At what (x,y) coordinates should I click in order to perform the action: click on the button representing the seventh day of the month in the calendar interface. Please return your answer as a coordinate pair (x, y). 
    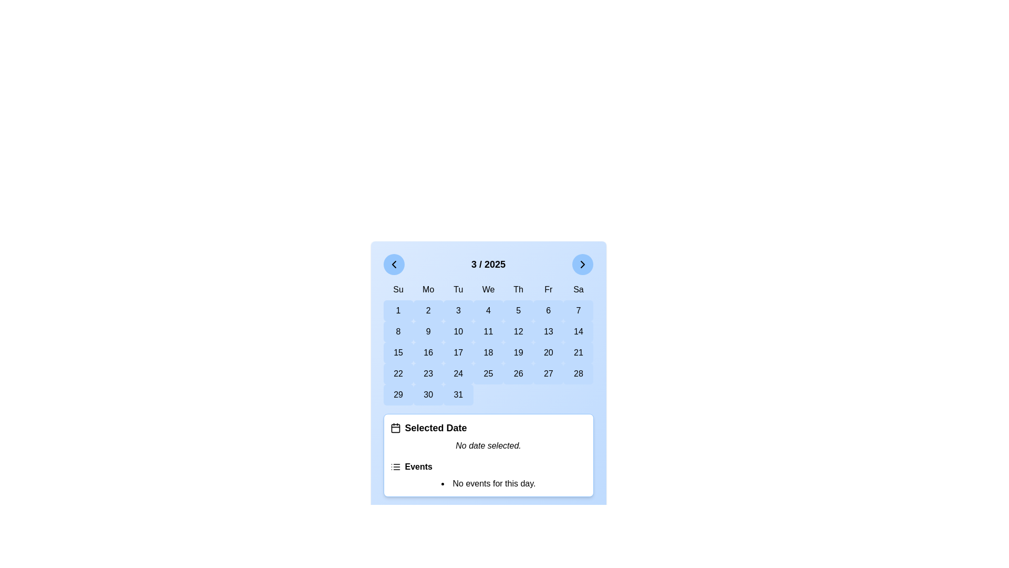
    Looking at the image, I should click on (578, 310).